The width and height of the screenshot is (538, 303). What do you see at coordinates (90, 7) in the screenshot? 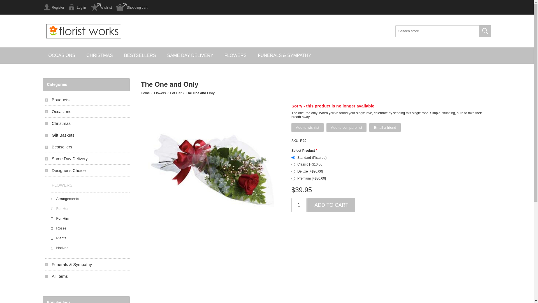
I see `'Wishlist'` at bounding box center [90, 7].